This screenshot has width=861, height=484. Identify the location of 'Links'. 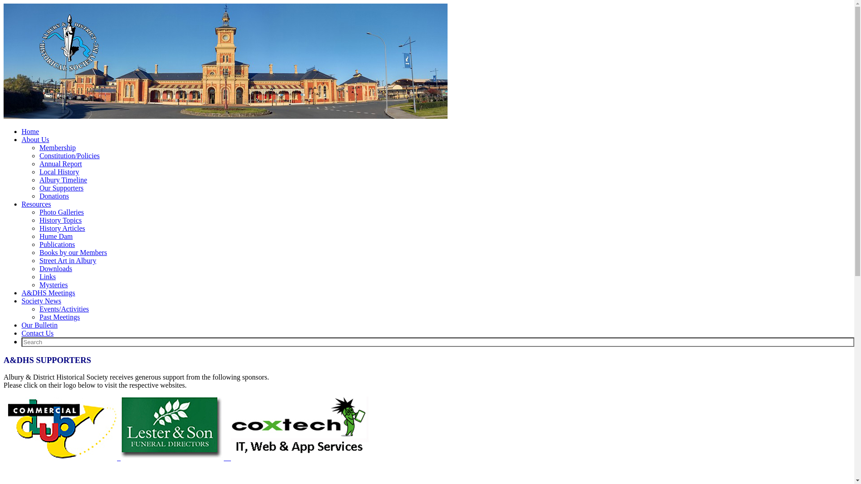
(47, 276).